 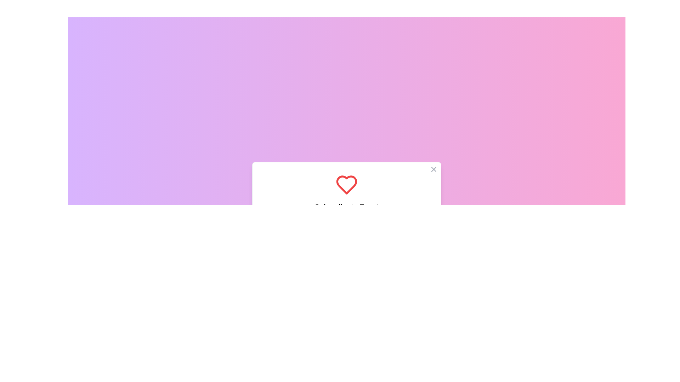 I want to click on the close button located in the top right corner of the white card, so click(x=433, y=169).